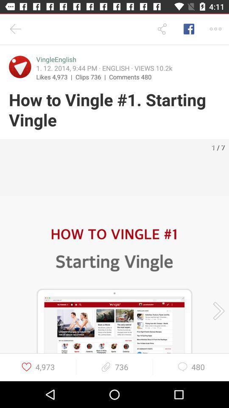 This screenshot has width=229, height=408. I want to click on the item next to vingleenglish, so click(20, 66).